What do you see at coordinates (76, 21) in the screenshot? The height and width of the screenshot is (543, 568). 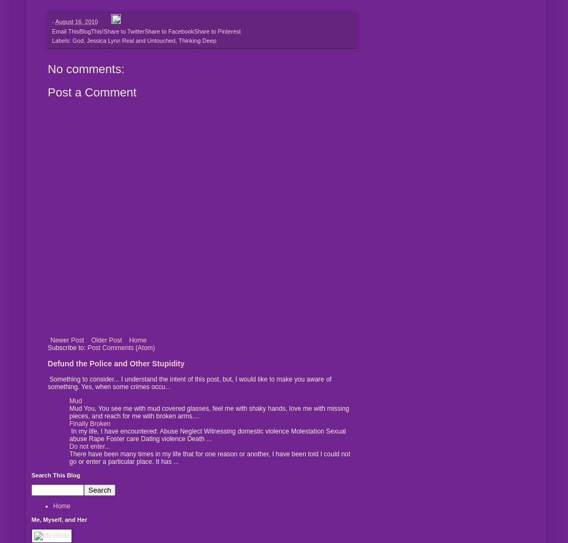 I see `'August 16, 2010'` at bounding box center [76, 21].